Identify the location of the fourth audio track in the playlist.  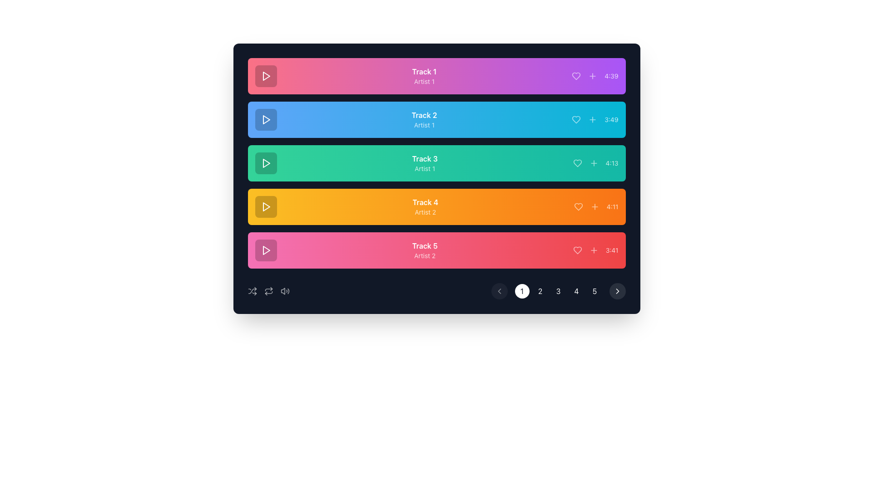
(436, 206).